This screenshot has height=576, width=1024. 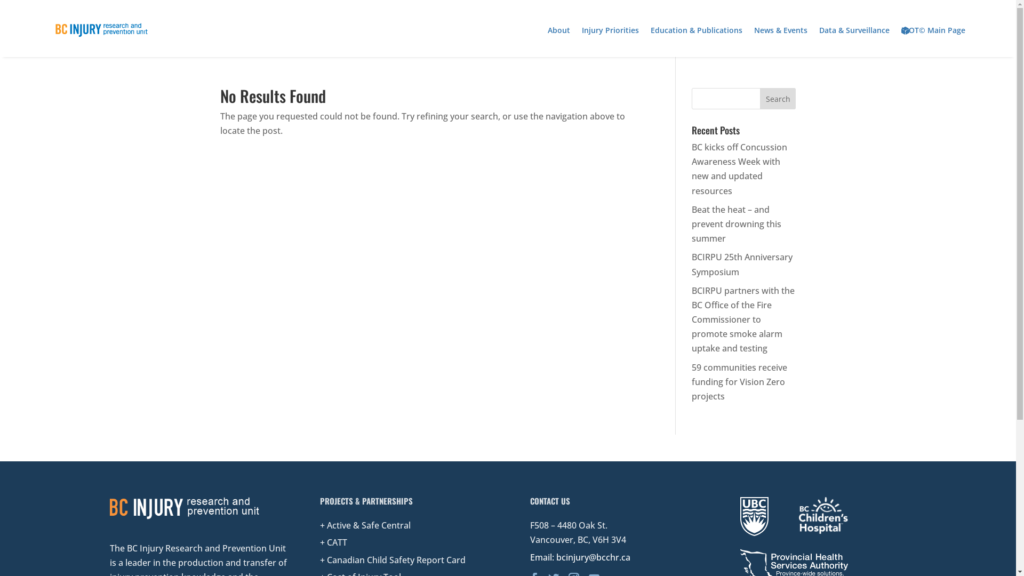 What do you see at coordinates (778, 99) in the screenshot?
I see `'Search'` at bounding box center [778, 99].